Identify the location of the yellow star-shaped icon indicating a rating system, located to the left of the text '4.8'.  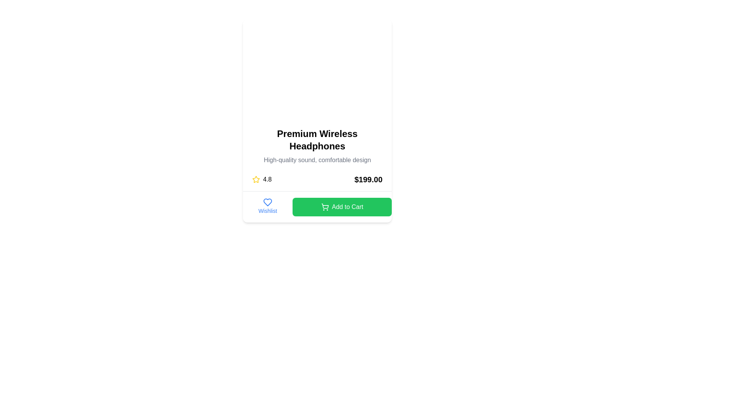
(256, 179).